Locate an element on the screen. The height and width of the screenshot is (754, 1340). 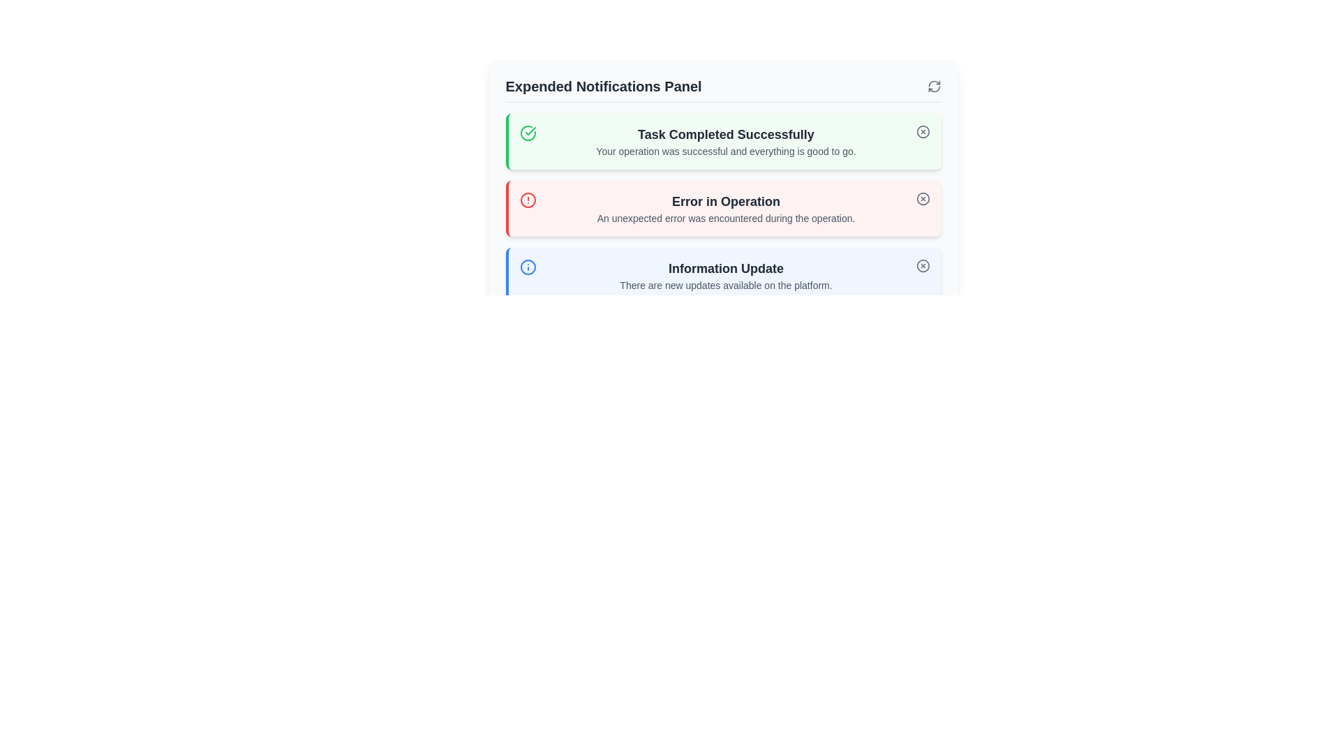
the second notification message in the Expended Notifications Panel is located at coordinates (723, 209).